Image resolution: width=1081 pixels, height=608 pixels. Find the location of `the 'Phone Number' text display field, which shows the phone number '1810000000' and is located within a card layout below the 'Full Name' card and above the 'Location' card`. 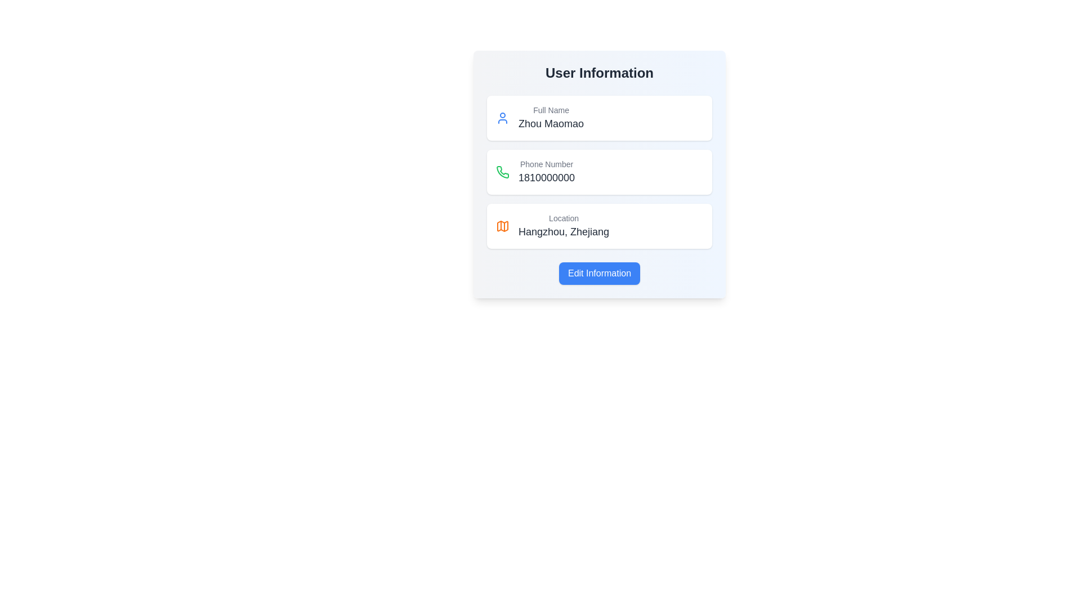

the 'Phone Number' text display field, which shows the phone number '1810000000' and is located within a card layout below the 'Full Name' card and above the 'Location' card is located at coordinates (547, 172).